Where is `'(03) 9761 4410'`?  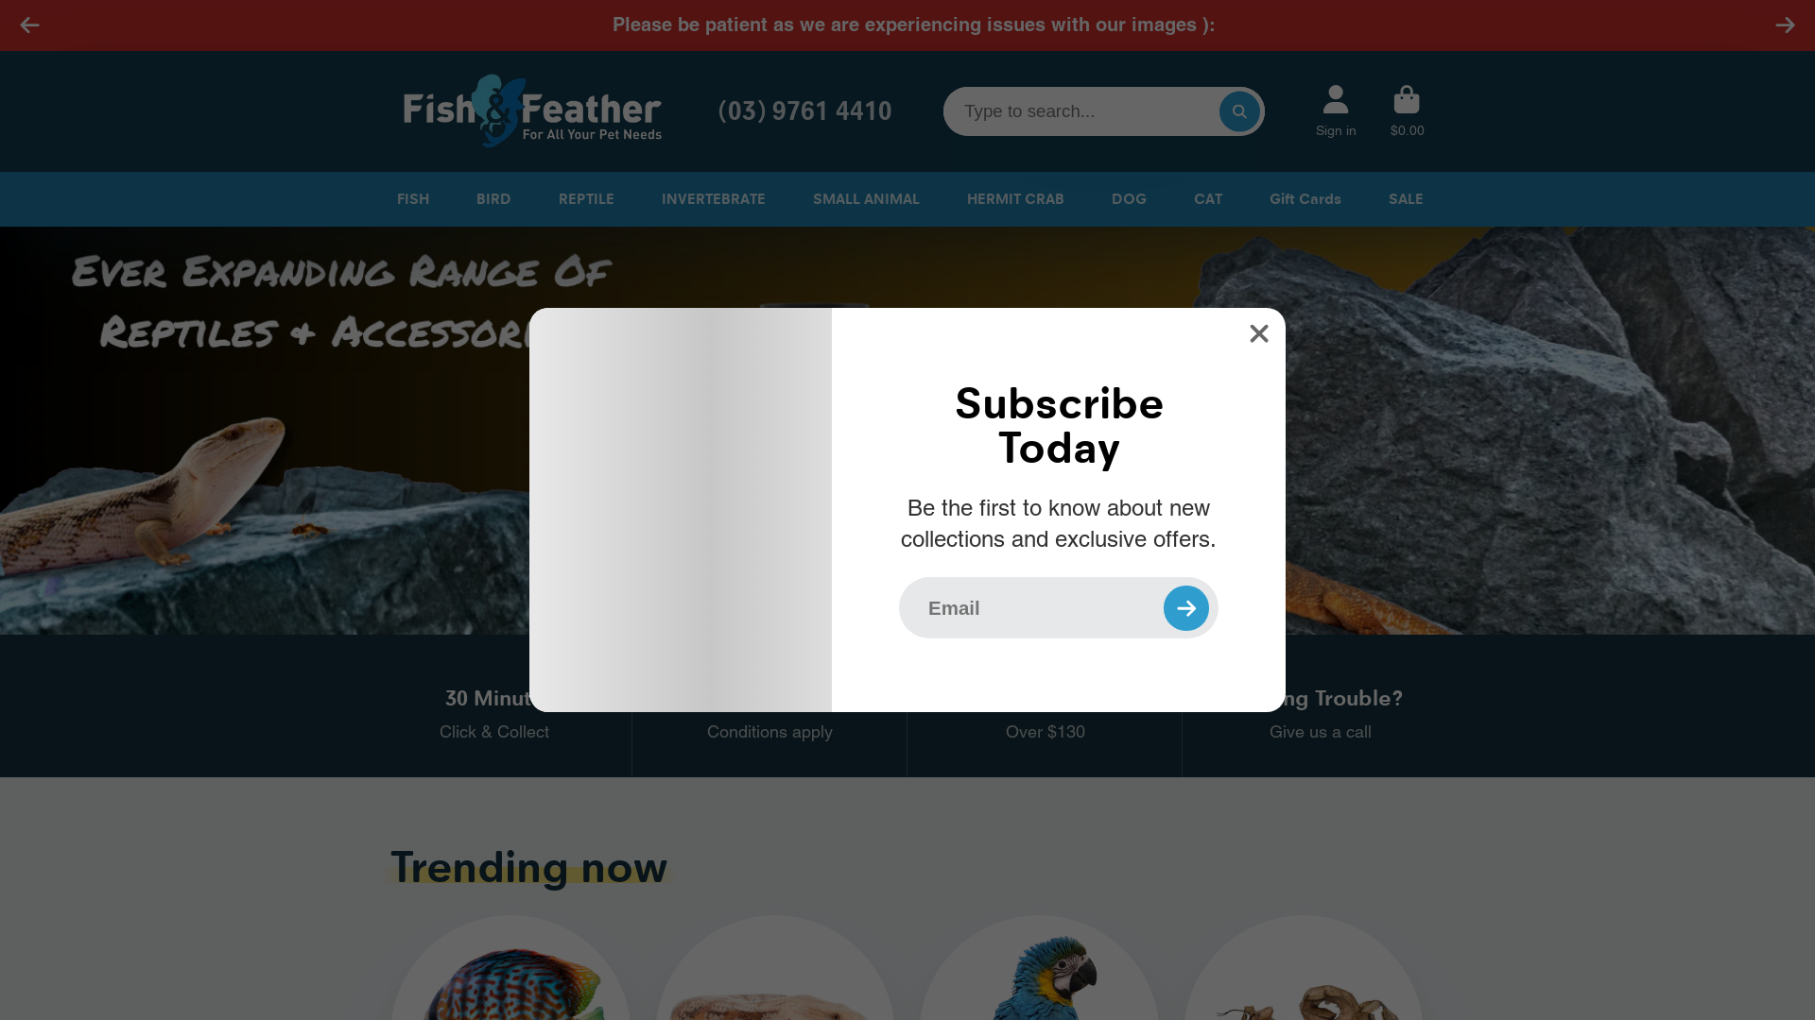 '(03) 9761 4410' is located at coordinates (706, 110).